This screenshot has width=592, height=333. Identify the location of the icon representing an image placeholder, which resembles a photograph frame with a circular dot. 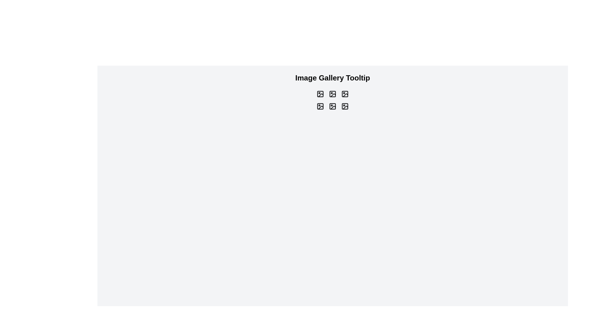
(332, 94).